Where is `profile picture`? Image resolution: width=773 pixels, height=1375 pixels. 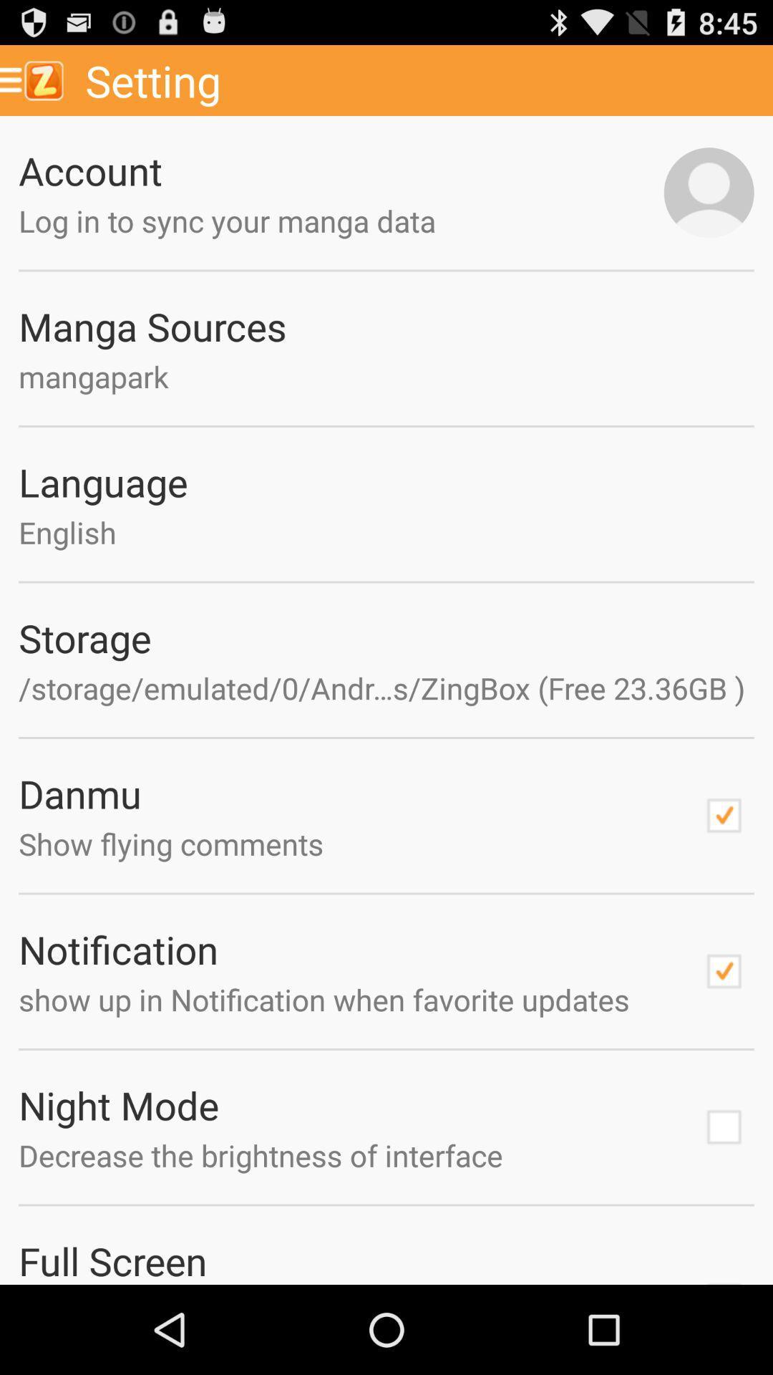
profile picture is located at coordinates (709, 192).